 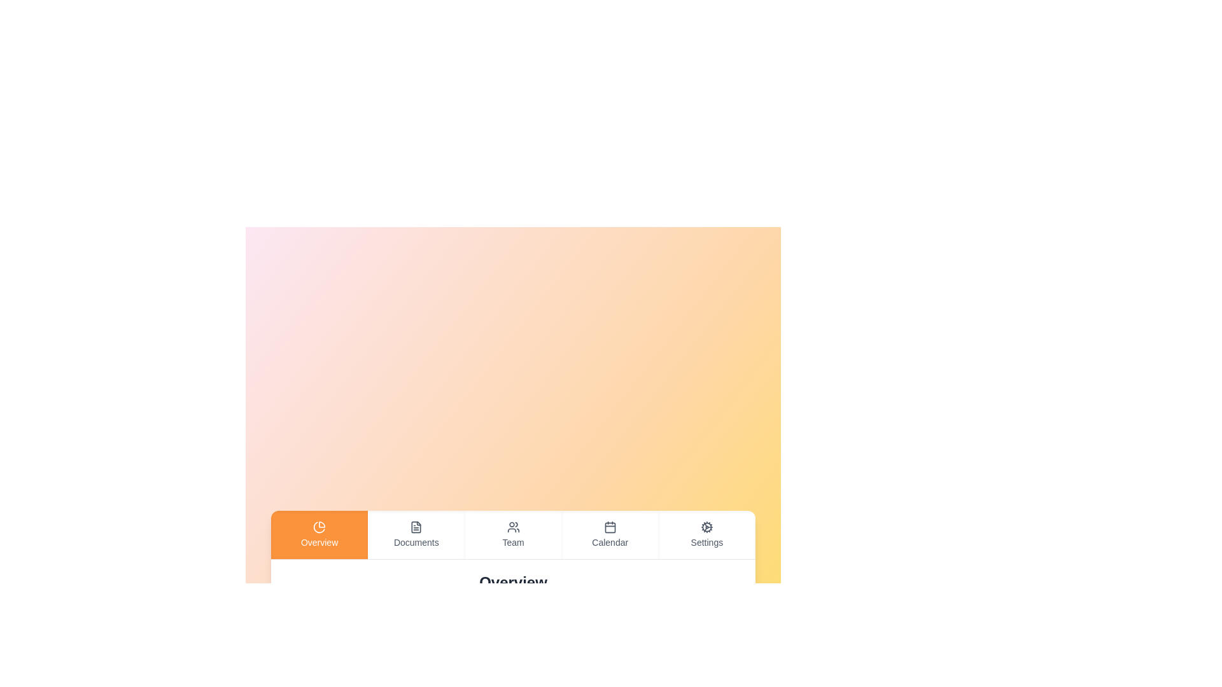 I want to click on the Navigation Tab, which is the far right tab in the navigation bar, so click(x=706, y=534).